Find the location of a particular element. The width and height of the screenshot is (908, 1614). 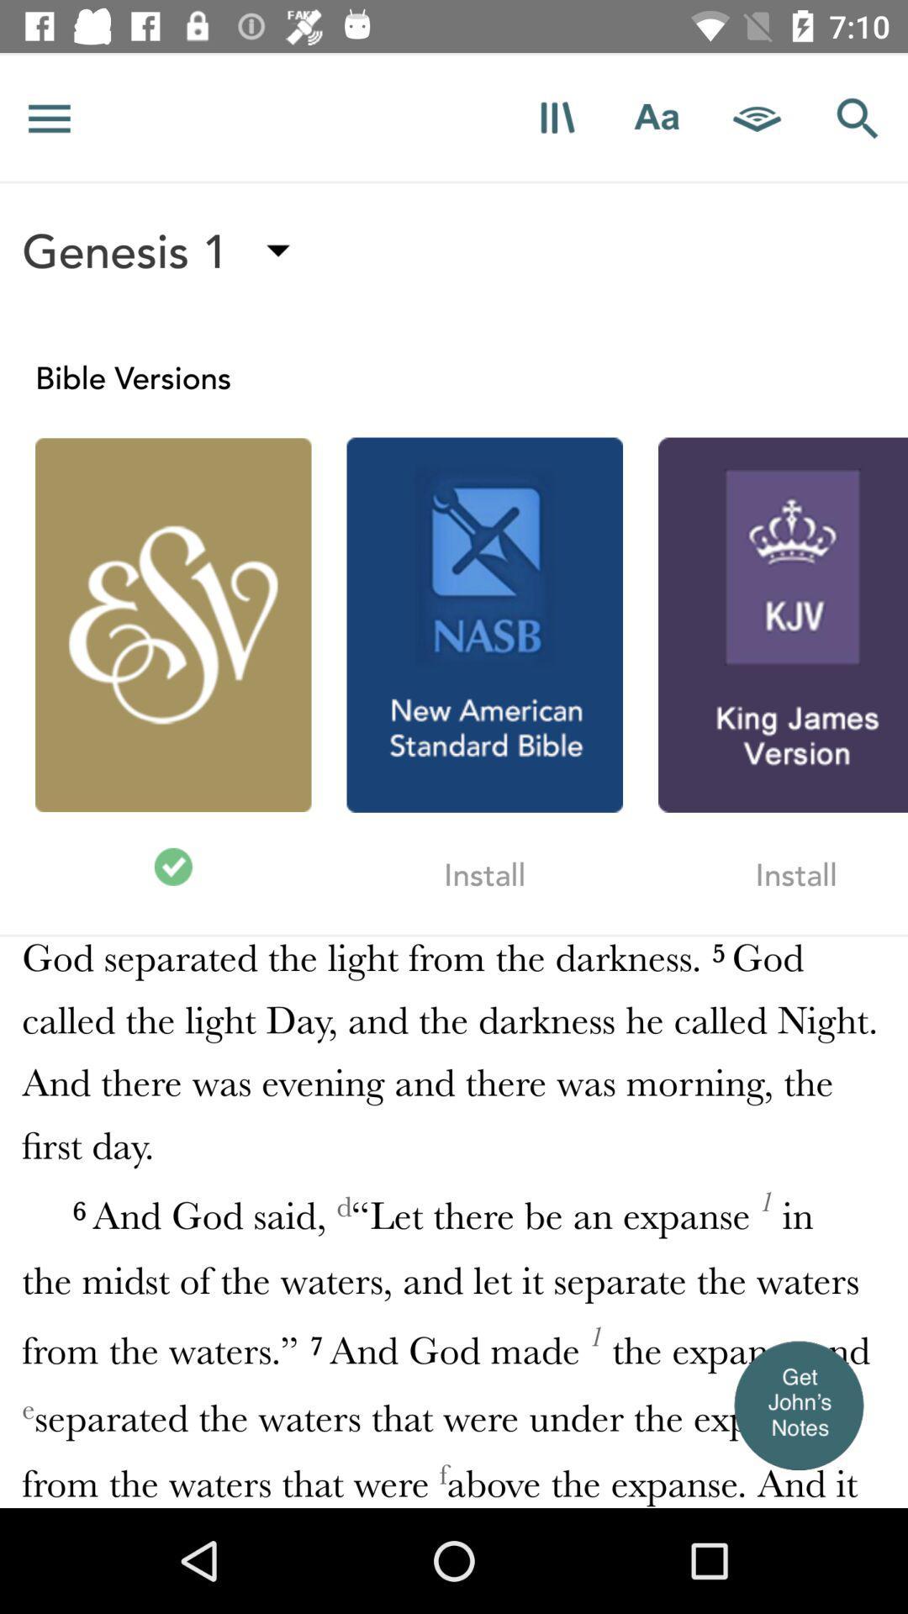

the avatar icon is located at coordinates (797, 1405).